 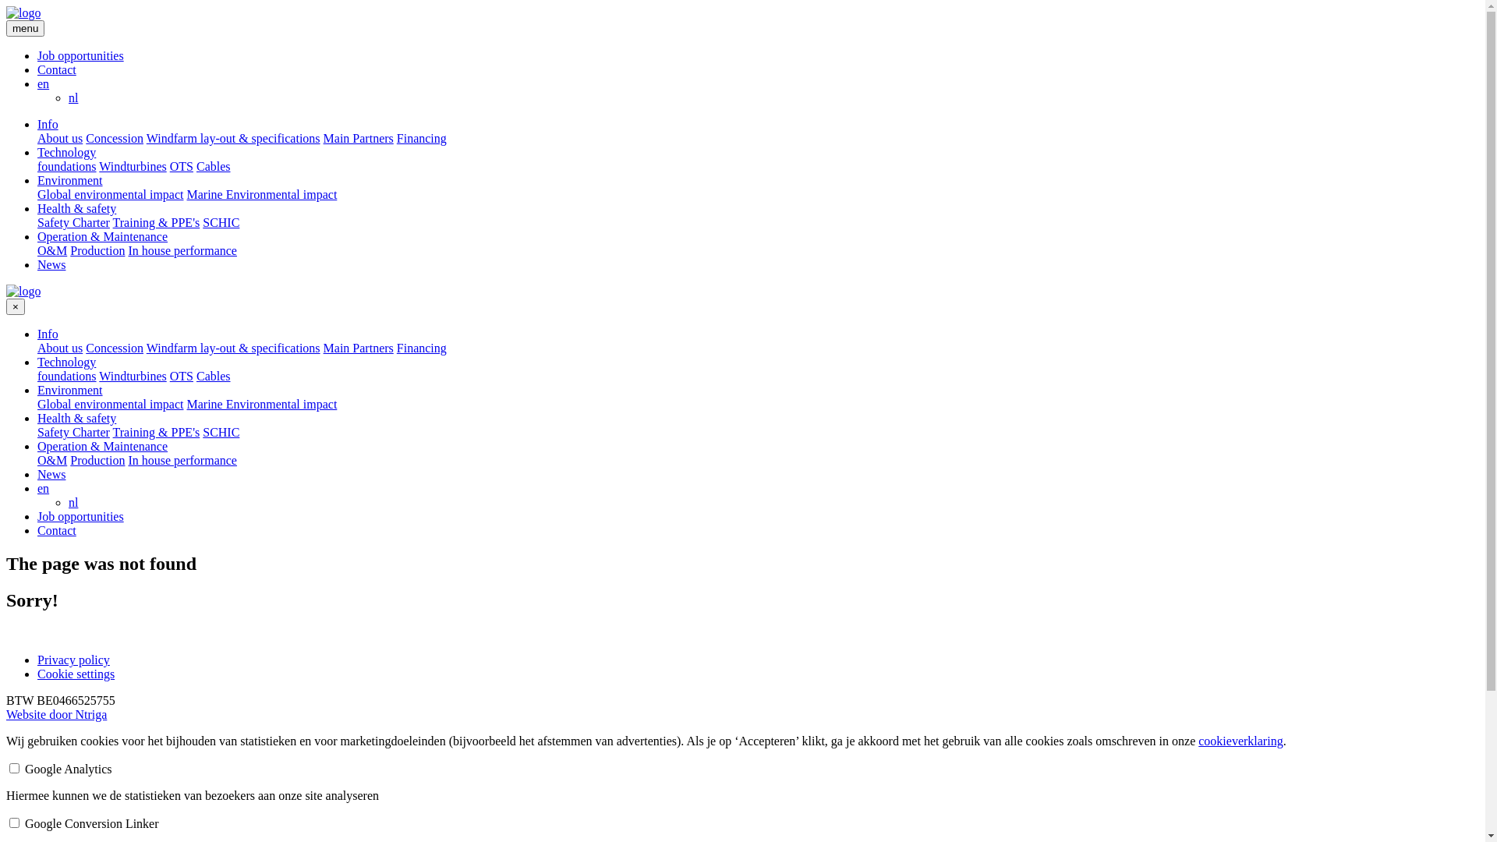 What do you see at coordinates (6, 28) in the screenshot?
I see `'menu'` at bounding box center [6, 28].